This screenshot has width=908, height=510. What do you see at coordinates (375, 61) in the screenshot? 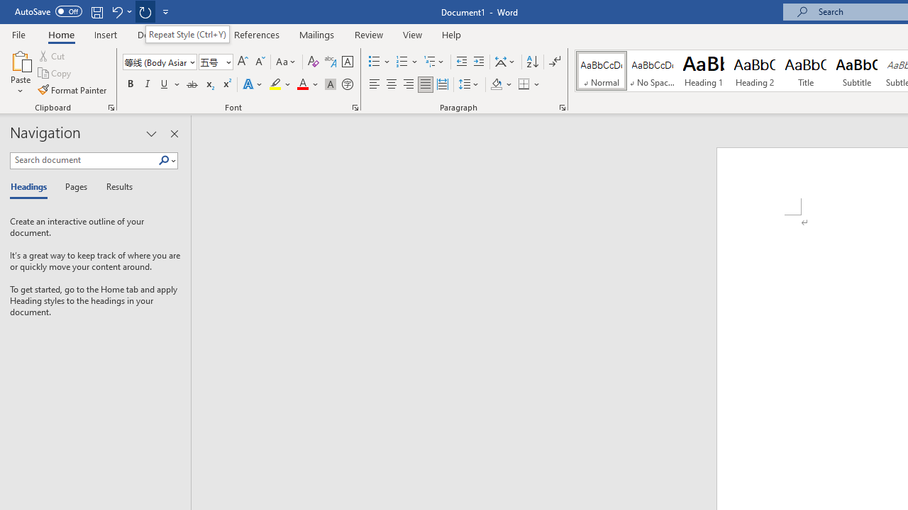
I see `'Bullets'` at bounding box center [375, 61].